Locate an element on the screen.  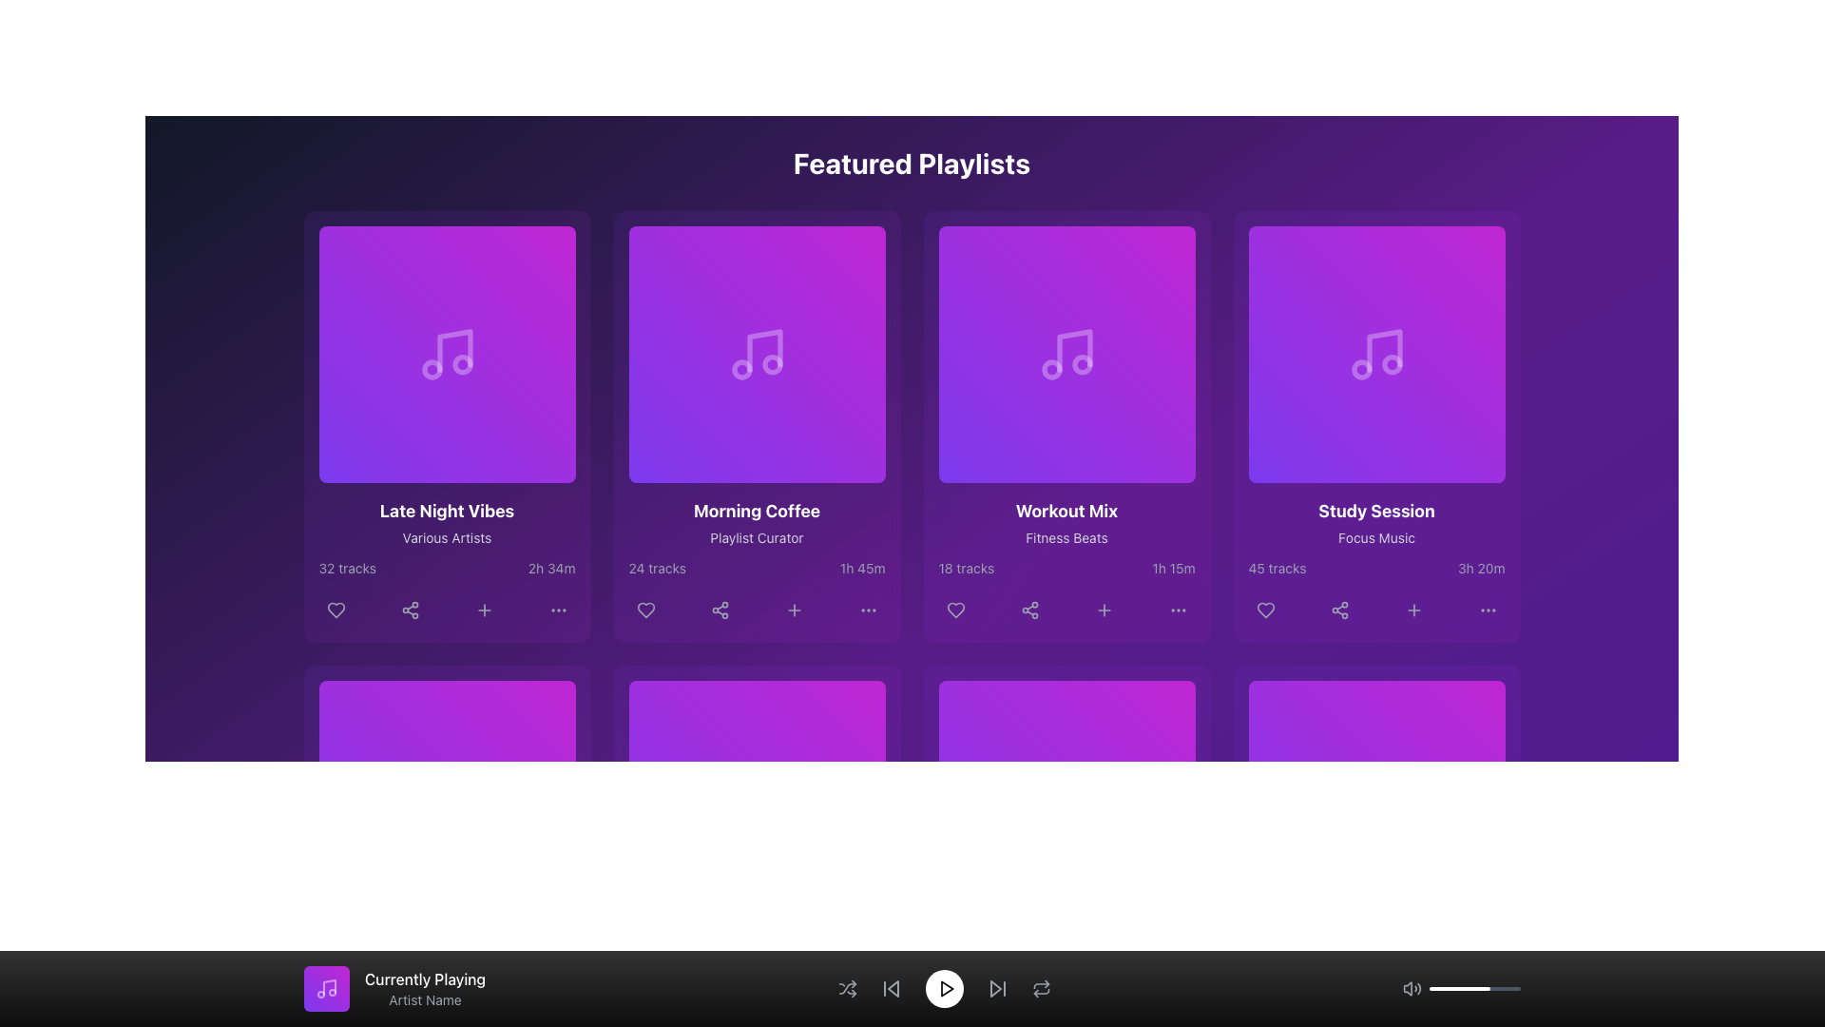
second SVG circle element located in the bottom-left section of the music note icon for the 'Study Session' card in the Featured Playlists section is located at coordinates (1360, 370).